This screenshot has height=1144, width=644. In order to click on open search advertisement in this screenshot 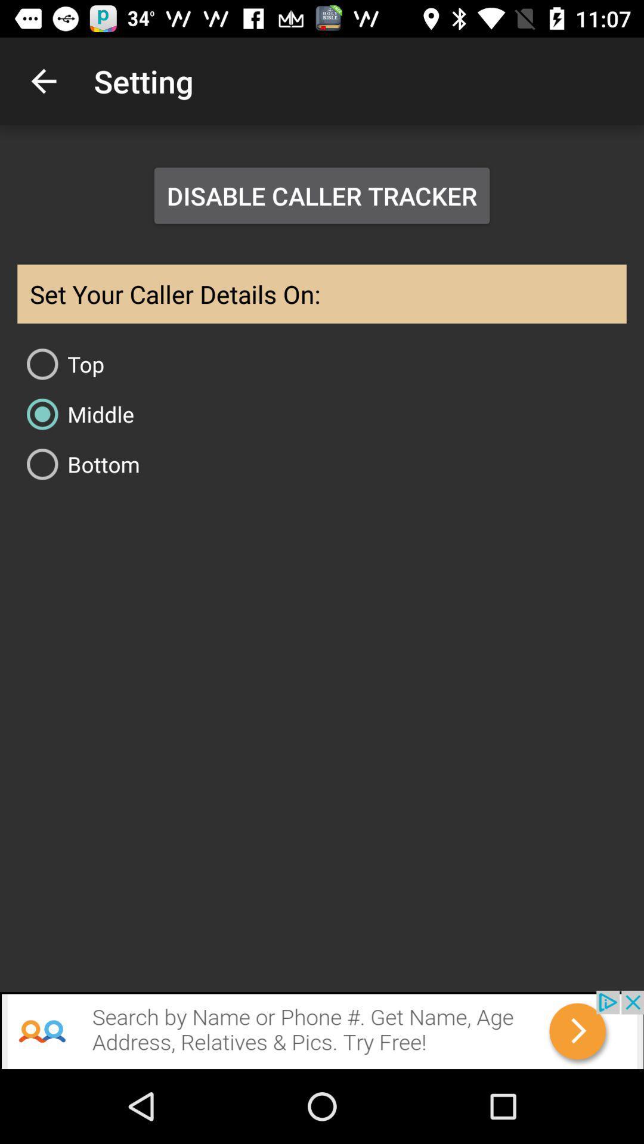, I will do `click(322, 1029)`.